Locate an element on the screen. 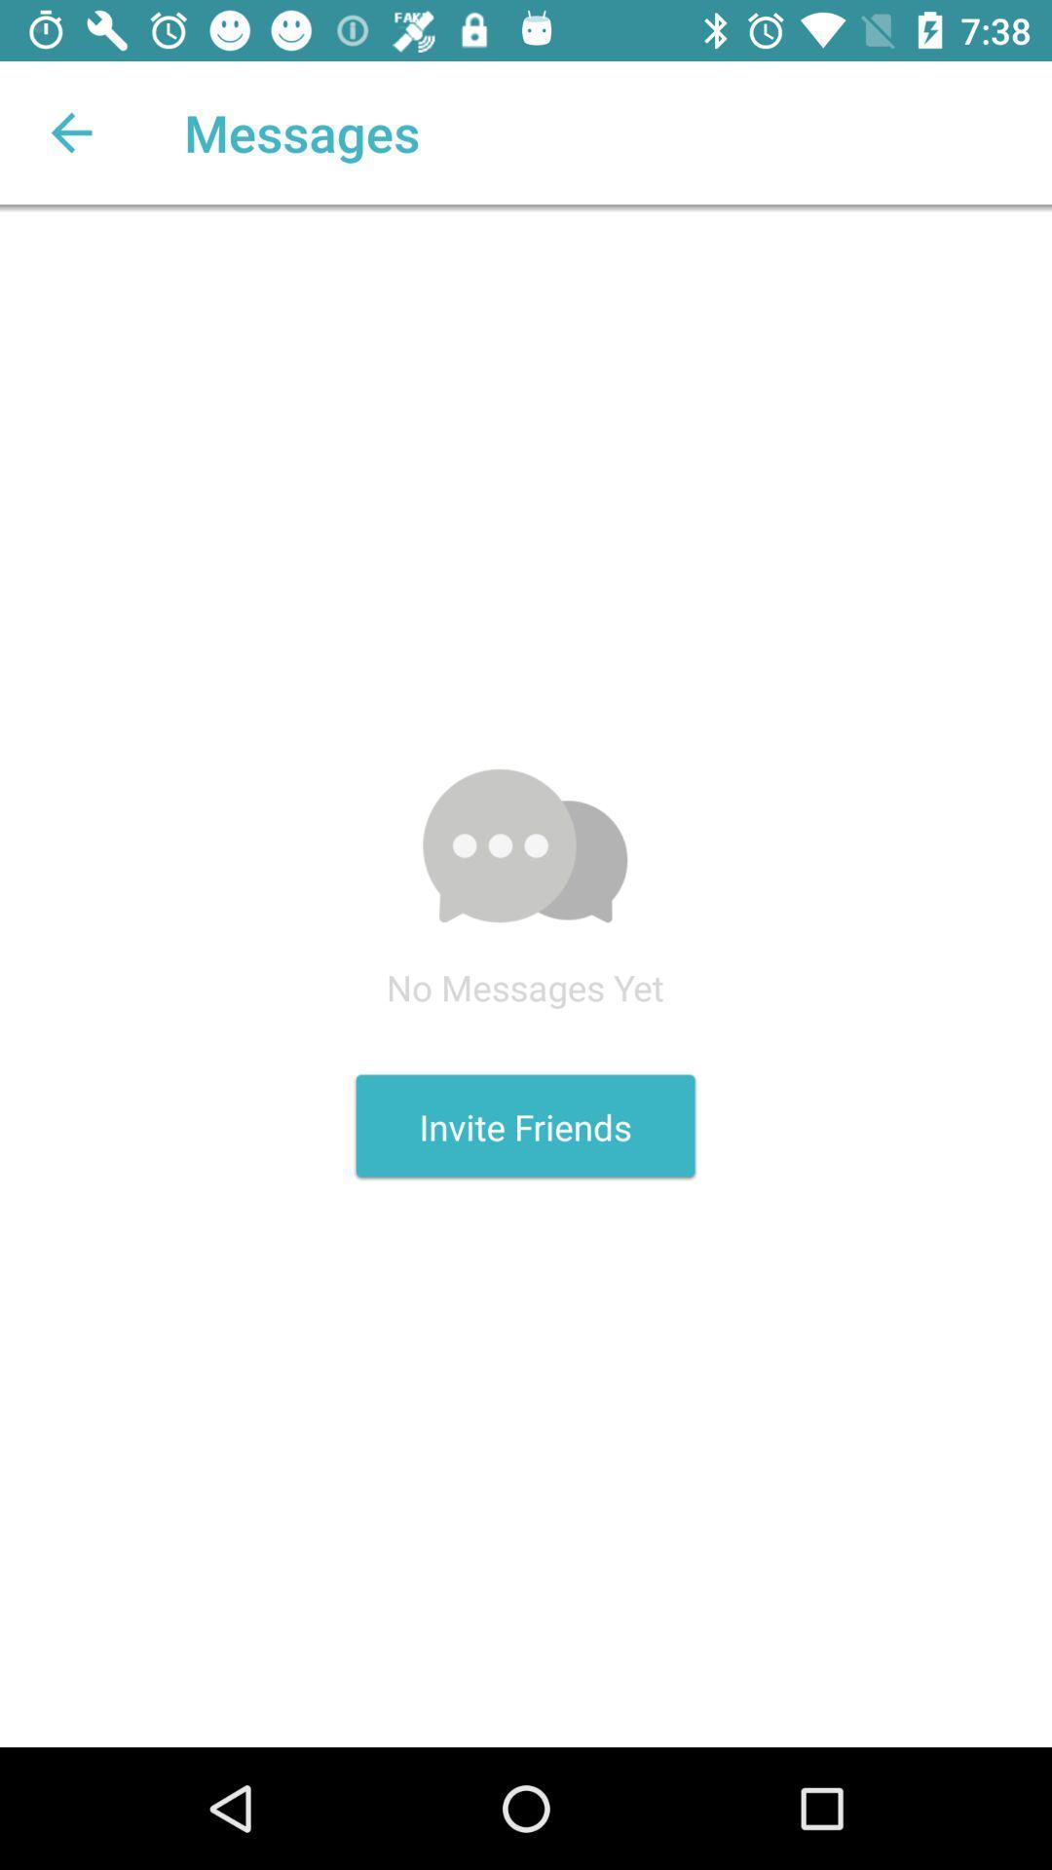 The width and height of the screenshot is (1052, 1870). the item to the left of messages item is located at coordinates (70, 131).